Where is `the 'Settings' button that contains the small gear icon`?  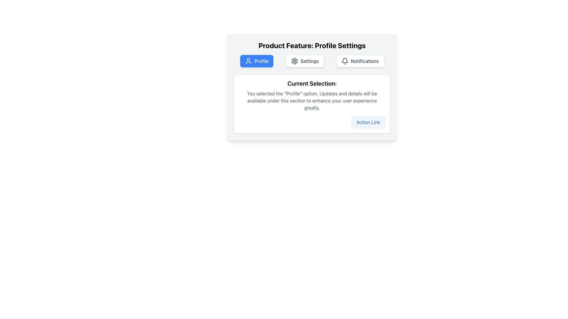 the 'Settings' button that contains the small gear icon is located at coordinates (294, 61).